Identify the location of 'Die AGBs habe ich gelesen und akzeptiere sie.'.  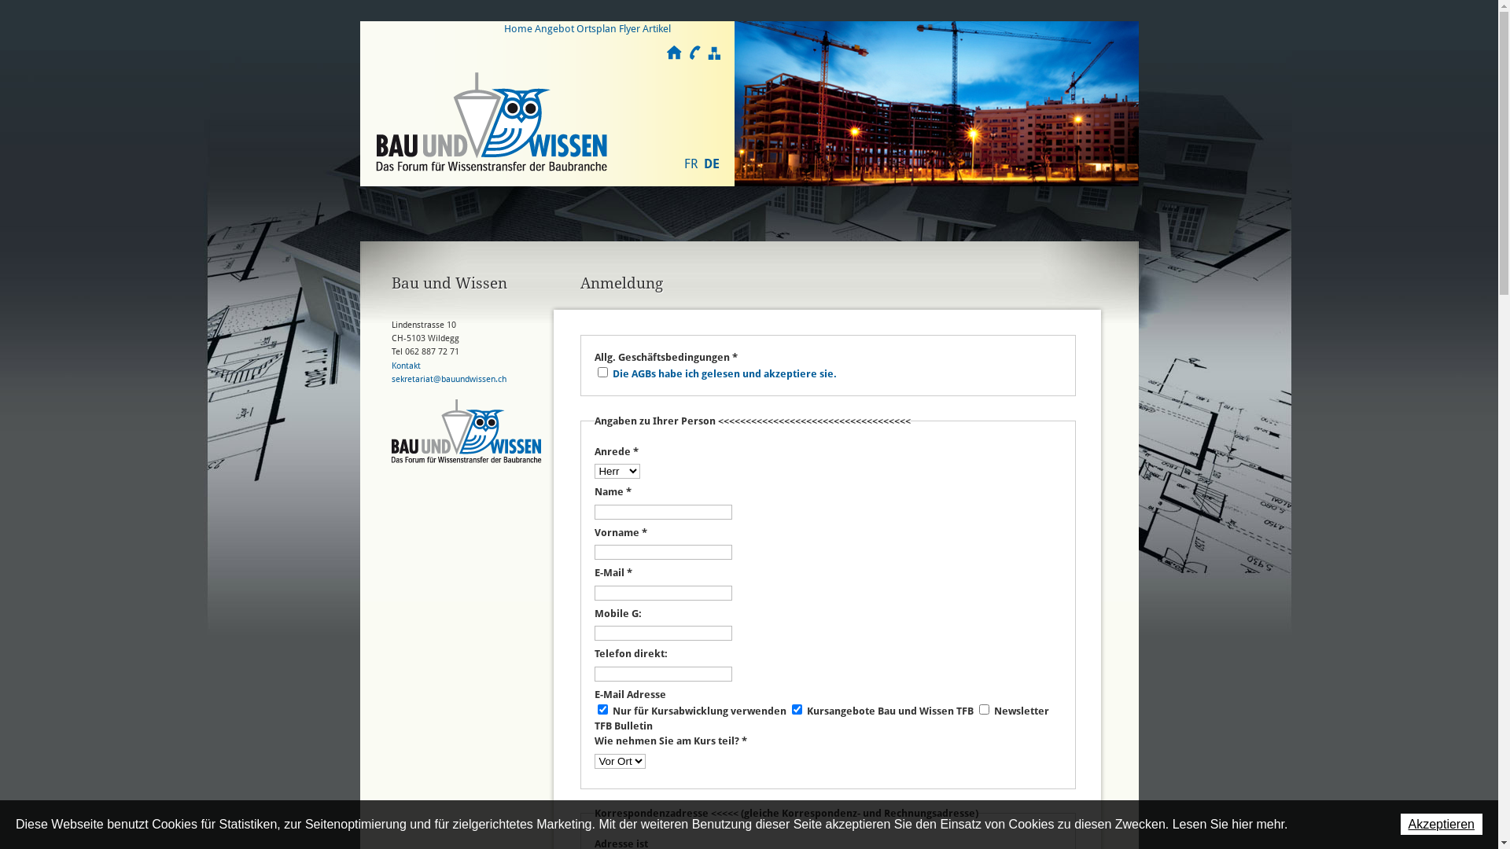
(724, 373).